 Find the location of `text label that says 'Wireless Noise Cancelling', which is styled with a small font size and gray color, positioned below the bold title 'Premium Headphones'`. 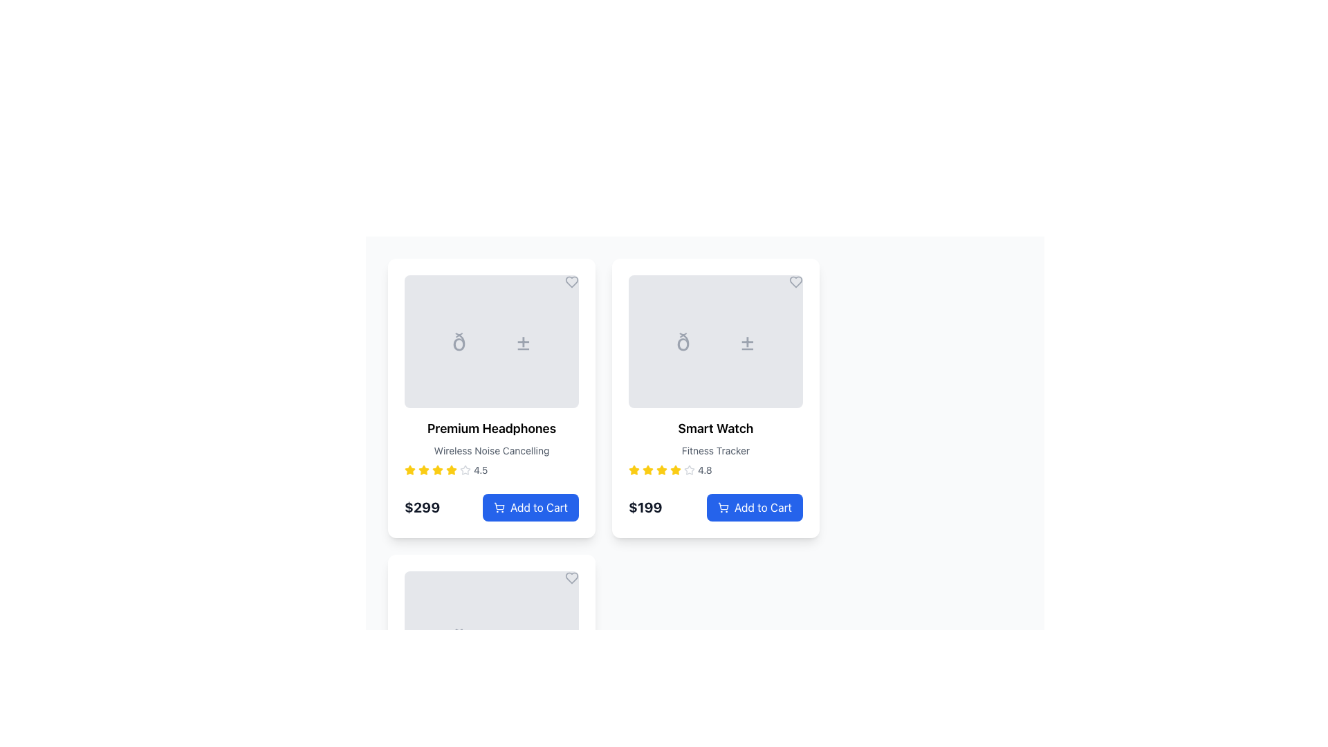

text label that says 'Wireless Noise Cancelling', which is styled with a small font size and gray color, positioned below the bold title 'Premium Headphones' is located at coordinates (491, 450).